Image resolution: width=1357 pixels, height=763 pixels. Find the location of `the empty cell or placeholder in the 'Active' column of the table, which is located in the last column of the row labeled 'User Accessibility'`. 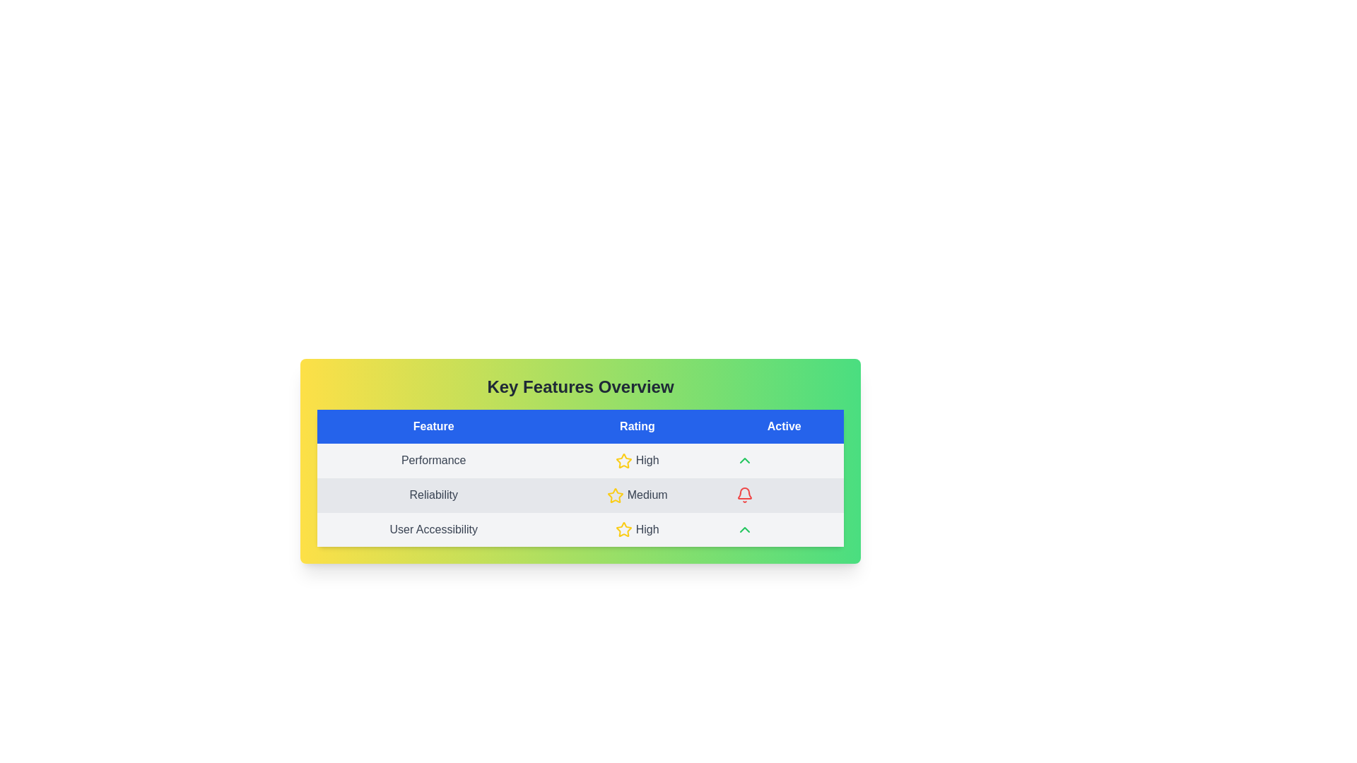

the empty cell or placeholder in the 'Active' column of the table, which is located in the last column of the row labeled 'User Accessibility' is located at coordinates (783, 529).